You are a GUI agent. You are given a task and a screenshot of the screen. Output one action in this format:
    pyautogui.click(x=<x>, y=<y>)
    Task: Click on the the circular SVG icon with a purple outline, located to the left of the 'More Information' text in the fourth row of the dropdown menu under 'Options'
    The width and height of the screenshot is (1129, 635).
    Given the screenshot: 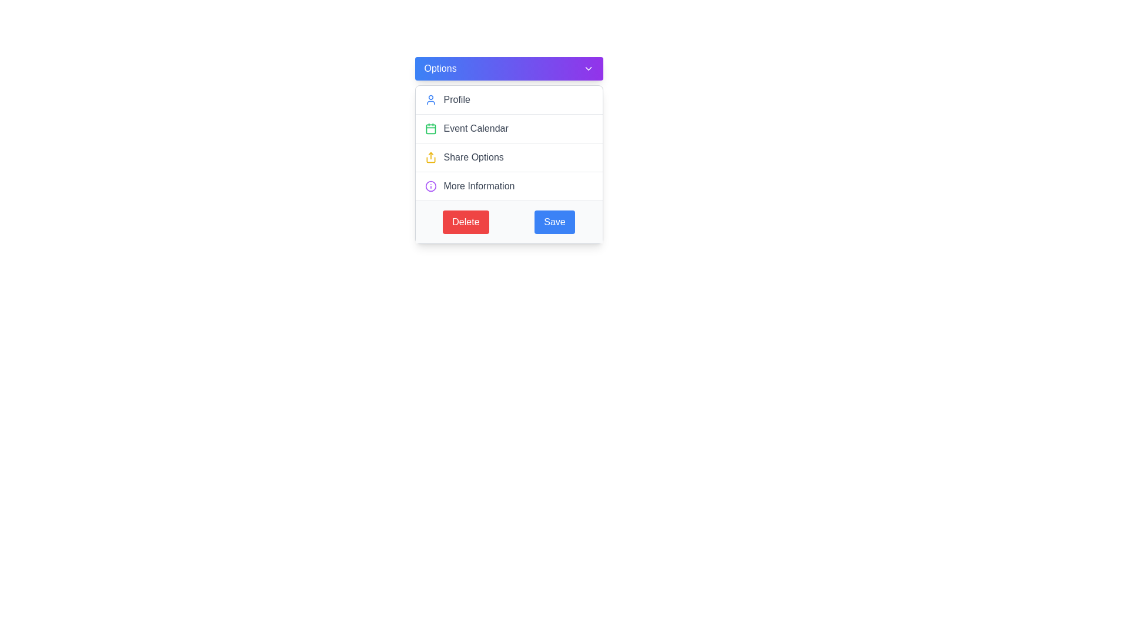 What is the action you would take?
    pyautogui.click(x=430, y=185)
    